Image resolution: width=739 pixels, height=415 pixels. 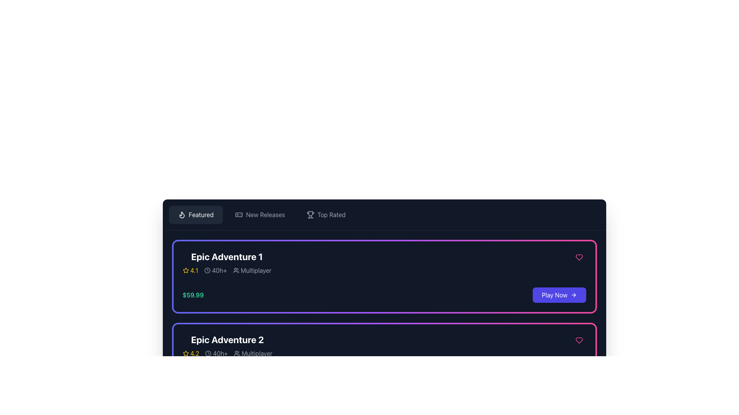 I want to click on the 'Featured' text label, which is displayed in white font on a dark background, so click(x=201, y=215).